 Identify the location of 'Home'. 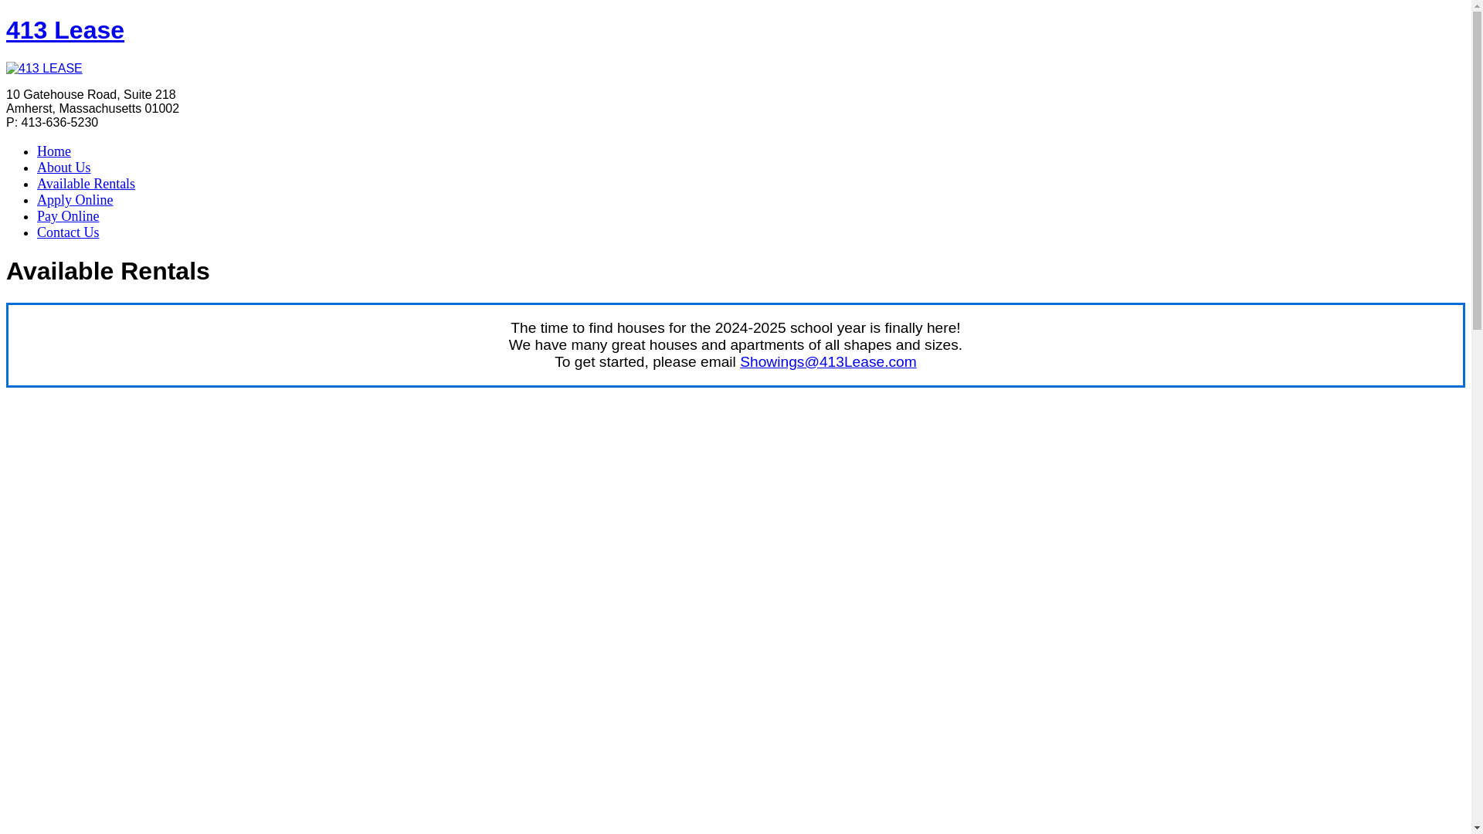
(54, 151).